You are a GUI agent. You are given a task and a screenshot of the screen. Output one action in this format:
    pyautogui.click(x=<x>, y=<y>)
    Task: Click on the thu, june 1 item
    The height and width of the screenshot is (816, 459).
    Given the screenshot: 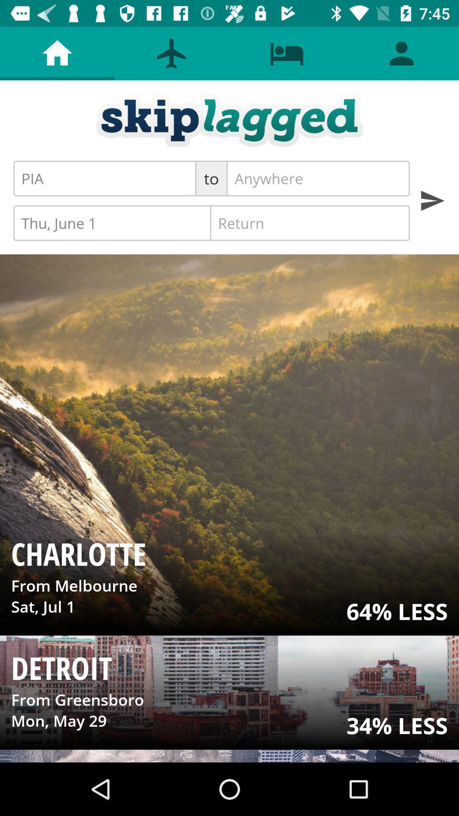 What is the action you would take?
    pyautogui.click(x=113, y=223)
    